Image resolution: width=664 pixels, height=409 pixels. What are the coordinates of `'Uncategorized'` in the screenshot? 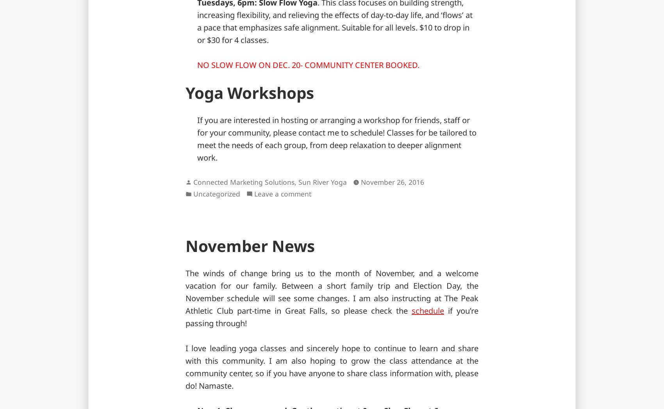 It's located at (193, 193).